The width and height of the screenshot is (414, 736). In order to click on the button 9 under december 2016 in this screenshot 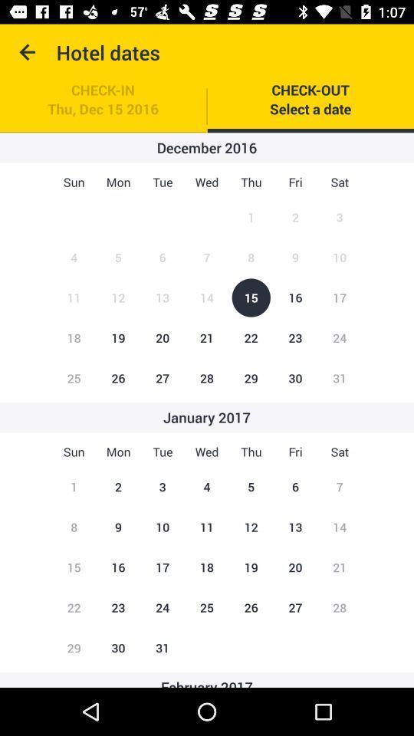, I will do `click(295, 258)`.